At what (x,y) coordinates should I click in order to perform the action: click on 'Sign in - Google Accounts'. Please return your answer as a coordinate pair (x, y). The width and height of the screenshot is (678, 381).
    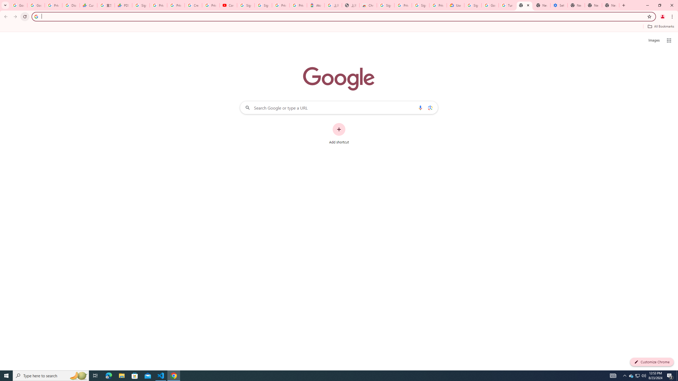
    Looking at the image, I should click on (263, 5).